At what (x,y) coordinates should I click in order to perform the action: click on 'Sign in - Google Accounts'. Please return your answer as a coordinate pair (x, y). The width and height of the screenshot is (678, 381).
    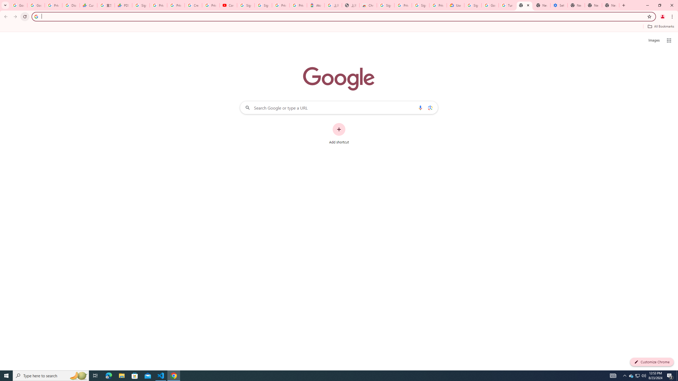
    Looking at the image, I should click on (263, 5).